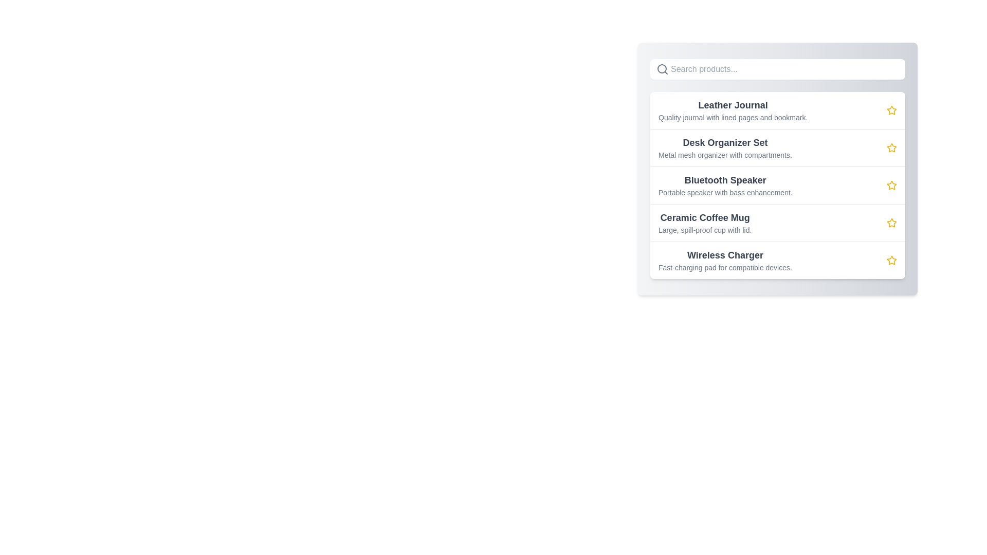  I want to click on the Star icon located on the far right of the 'Wireless Charger' list item, so click(891, 260).